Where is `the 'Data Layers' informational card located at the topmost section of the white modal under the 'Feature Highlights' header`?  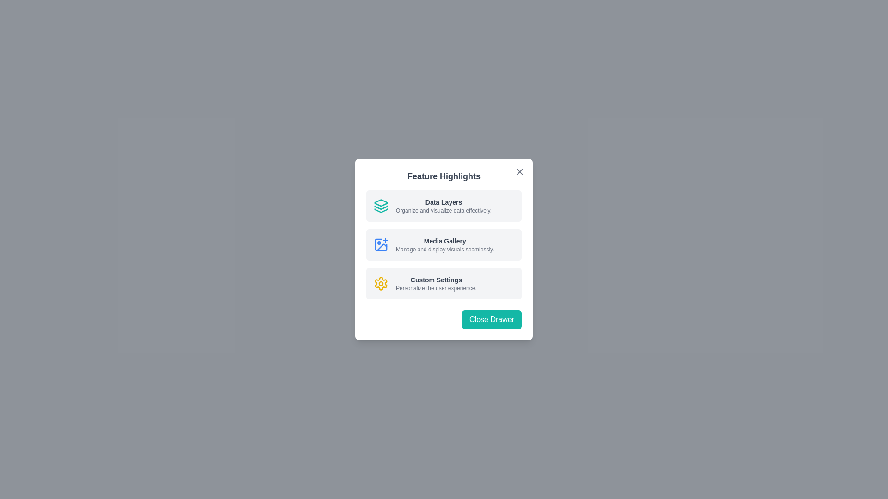 the 'Data Layers' informational card located at the topmost section of the white modal under the 'Feature Highlights' header is located at coordinates (444, 206).